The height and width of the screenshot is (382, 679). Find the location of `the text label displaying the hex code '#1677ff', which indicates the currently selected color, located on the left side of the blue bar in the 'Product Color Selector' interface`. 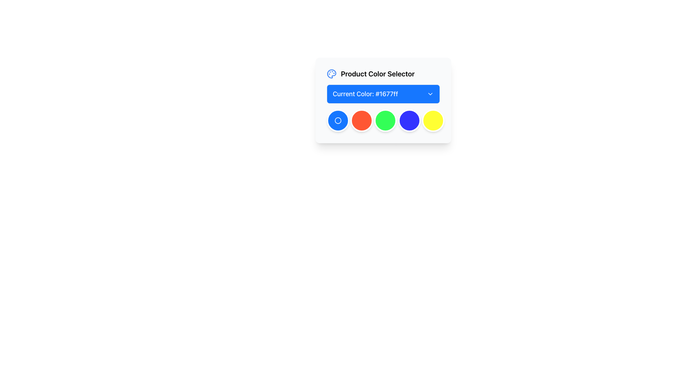

the text label displaying the hex code '#1677ff', which indicates the currently selected color, located on the left side of the blue bar in the 'Product Color Selector' interface is located at coordinates (365, 94).